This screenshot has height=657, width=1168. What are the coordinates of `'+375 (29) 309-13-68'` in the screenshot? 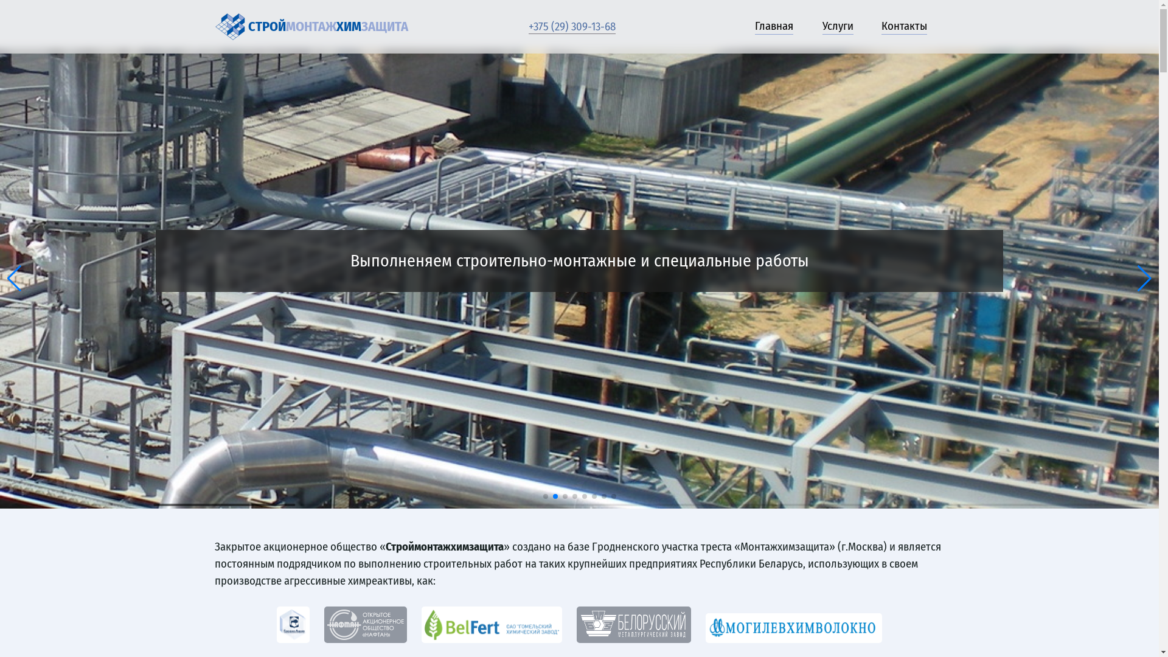 It's located at (528, 27).